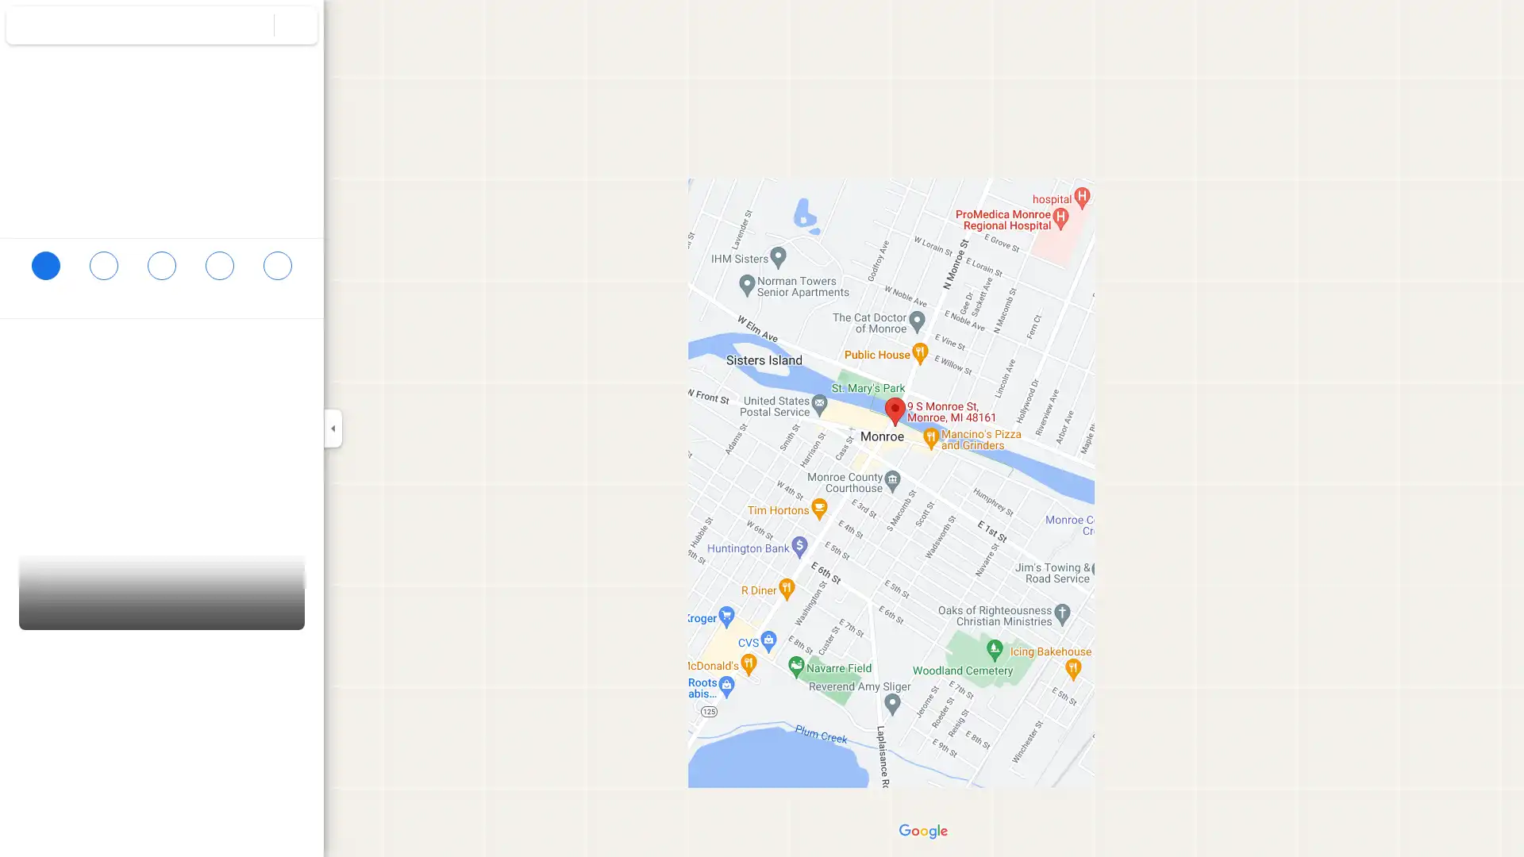  What do you see at coordinates (45, 271) in the screenshot?
I see `Directions to 9 S Monroe St` at bounding box center [45, 271].